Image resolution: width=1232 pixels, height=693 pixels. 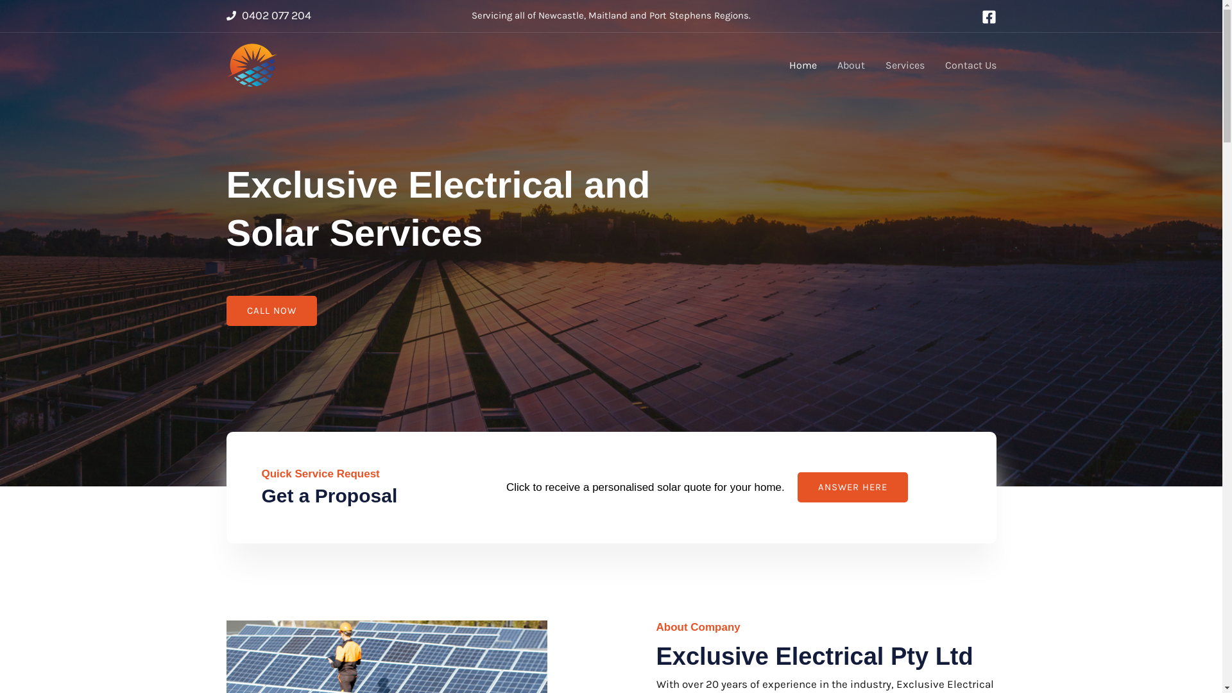 What do you see at coordinates (964, 65) in the screenshot?
I see `'Contact Us'` at bounding box center [964, 65].